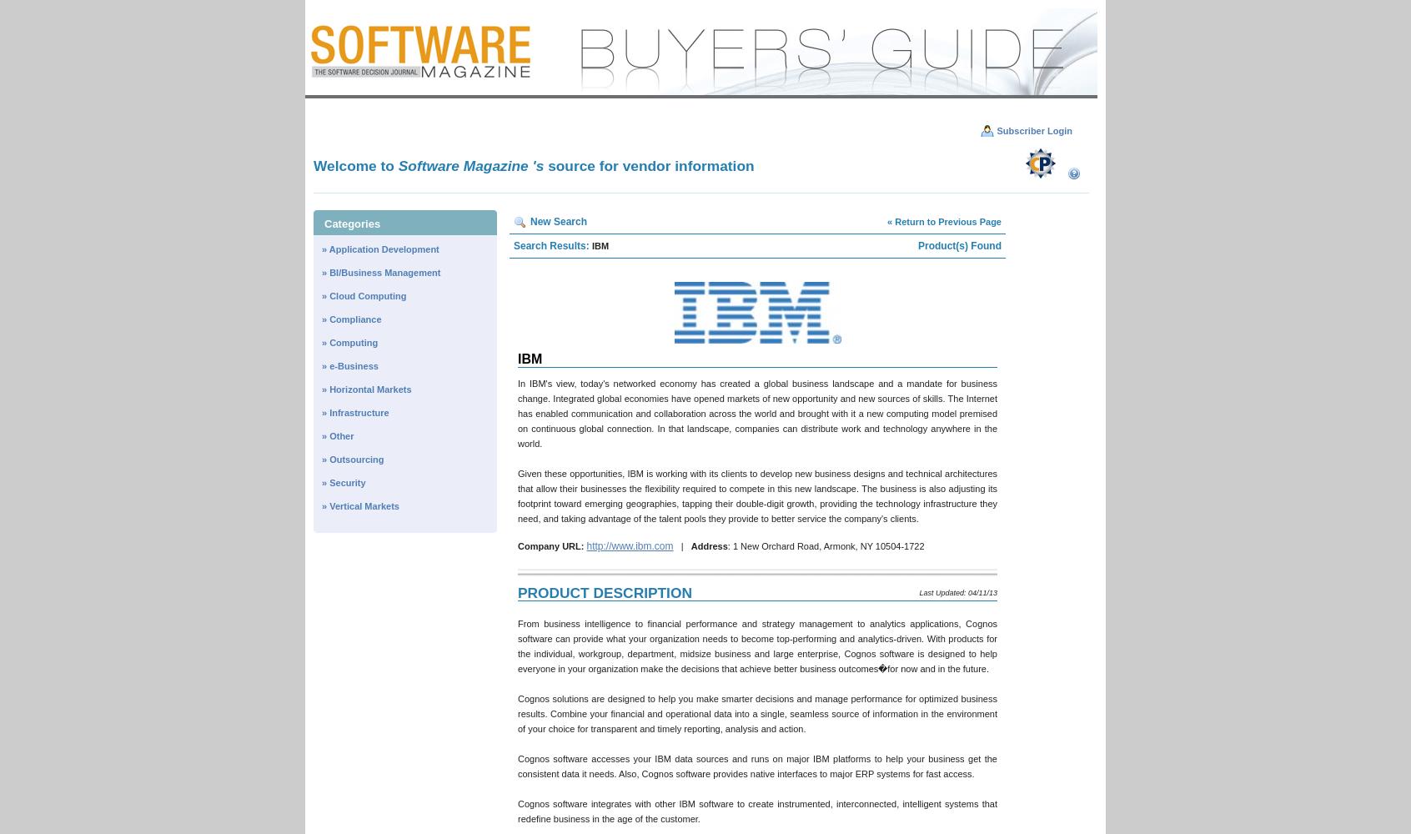  I want to click on 'Categories', so click(352, 224).